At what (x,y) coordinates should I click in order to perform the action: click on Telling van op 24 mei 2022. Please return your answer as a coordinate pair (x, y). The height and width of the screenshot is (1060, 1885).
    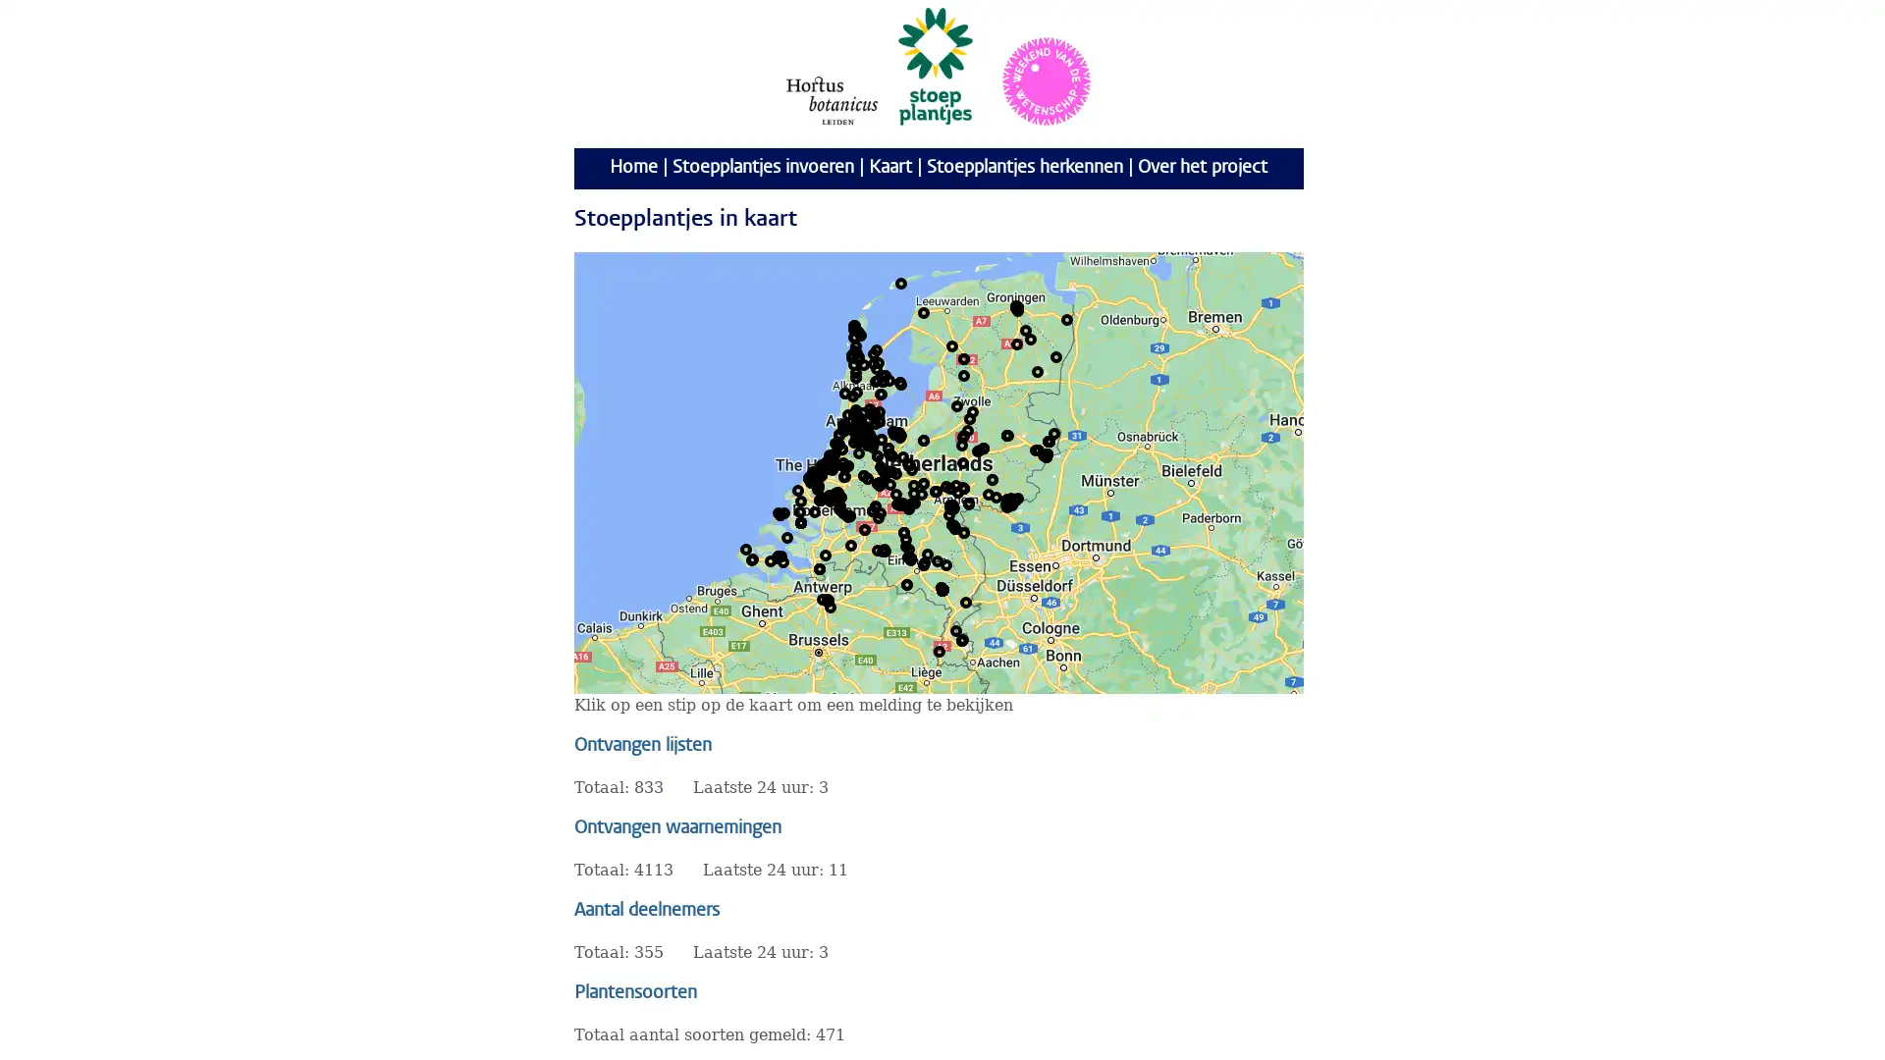
    Looking at the image, I should click on (885, 473).